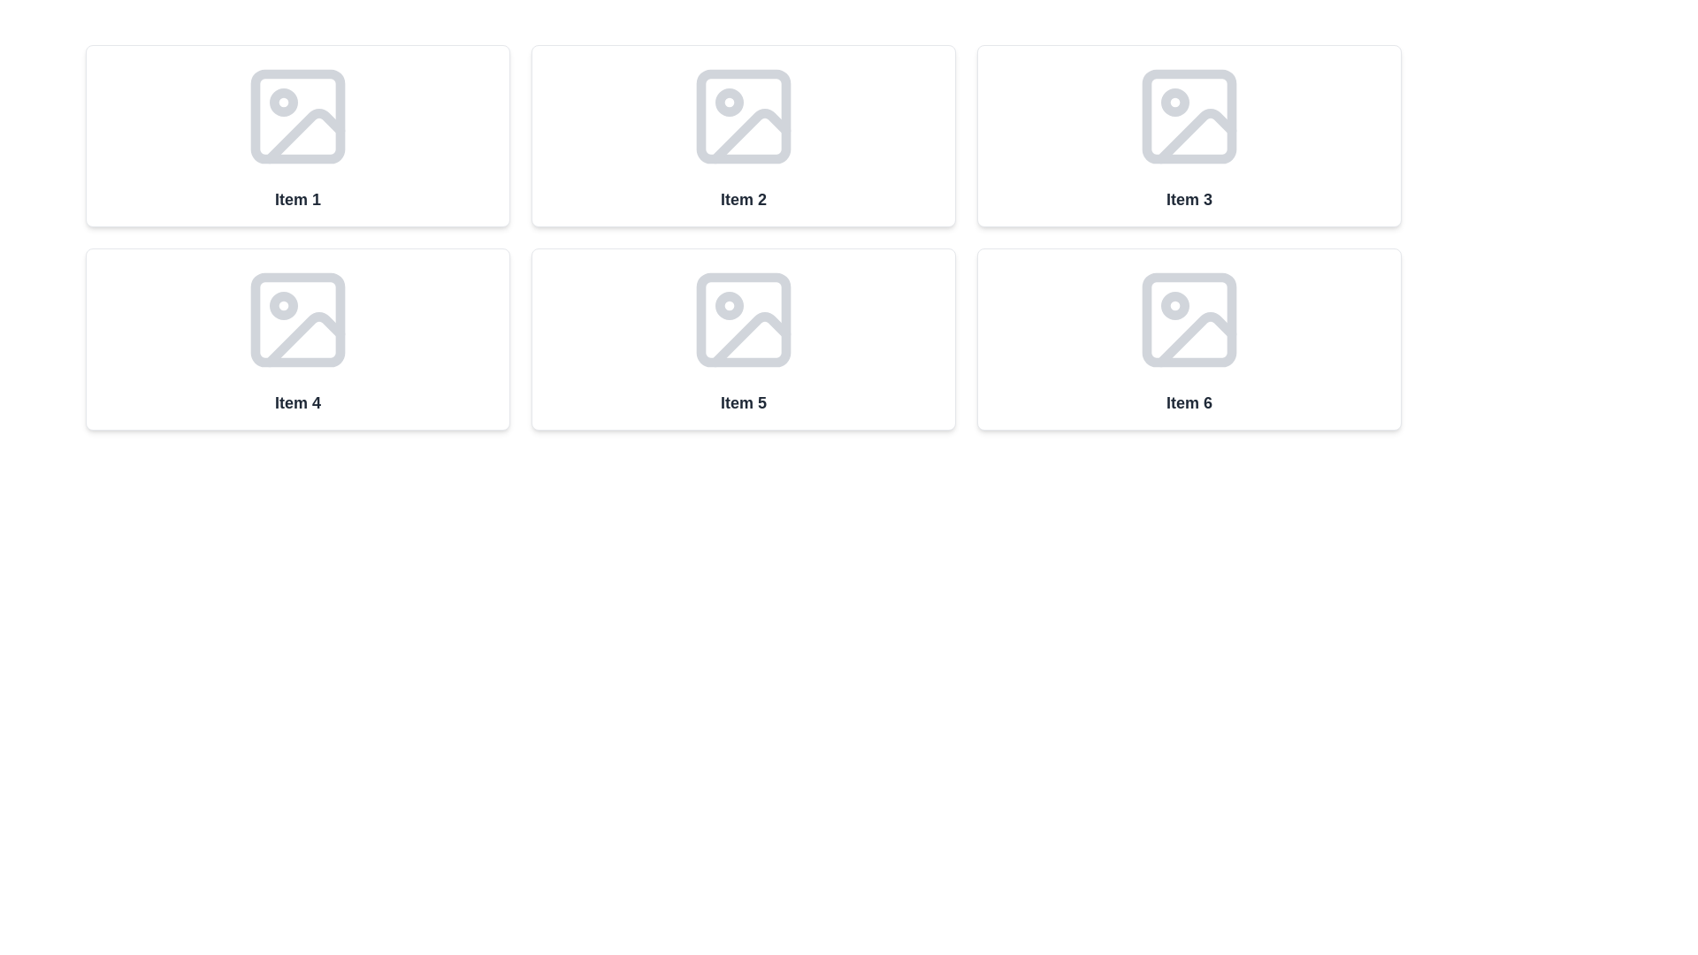 Image resolution: width=1698 pixels, height=955 pixels. Describe the element at coordinates (1189, 135) in the screenshot. I see `the card` at that location.